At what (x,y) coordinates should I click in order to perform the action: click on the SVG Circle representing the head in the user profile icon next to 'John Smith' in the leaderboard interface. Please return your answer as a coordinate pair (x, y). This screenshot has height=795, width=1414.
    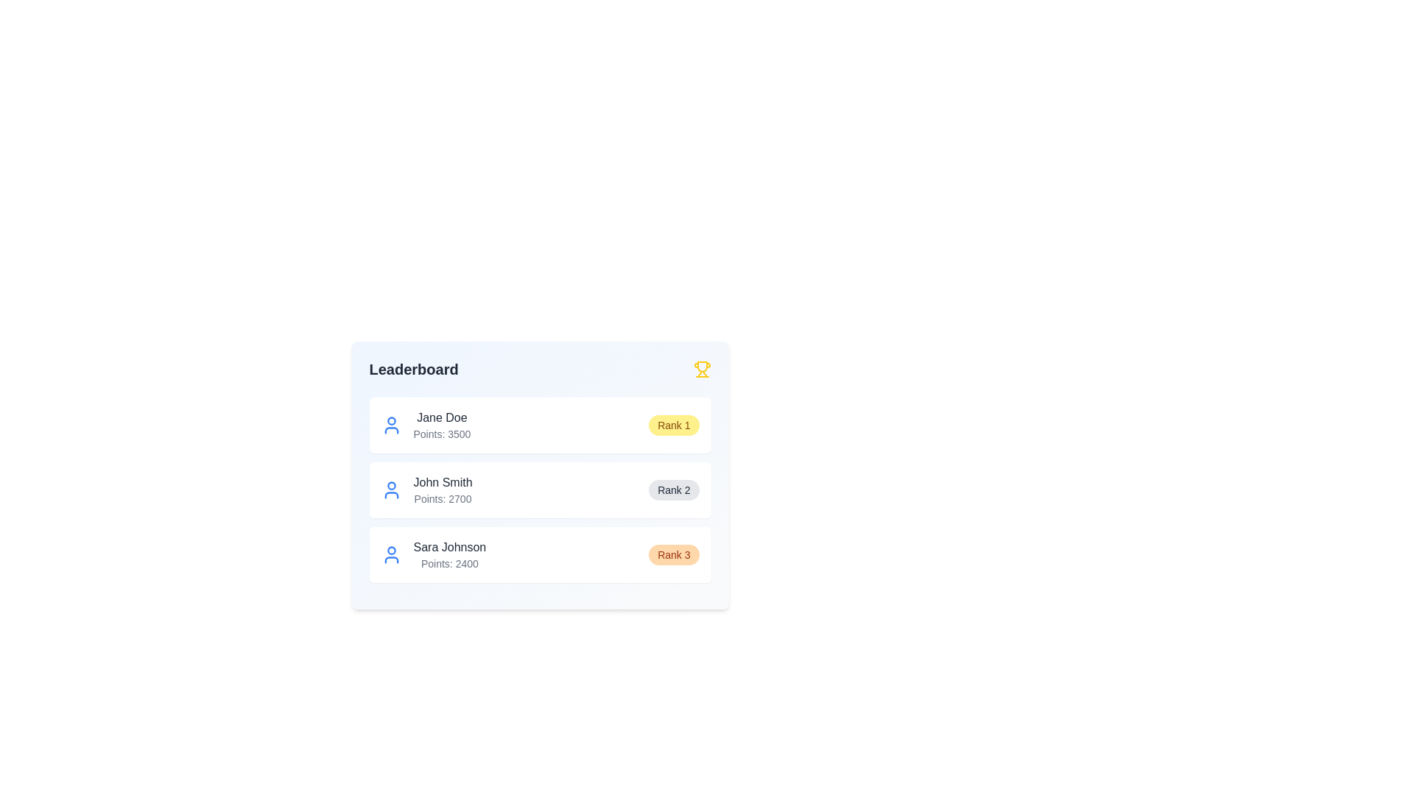
    Looking at the image, I should click on (391, 486).